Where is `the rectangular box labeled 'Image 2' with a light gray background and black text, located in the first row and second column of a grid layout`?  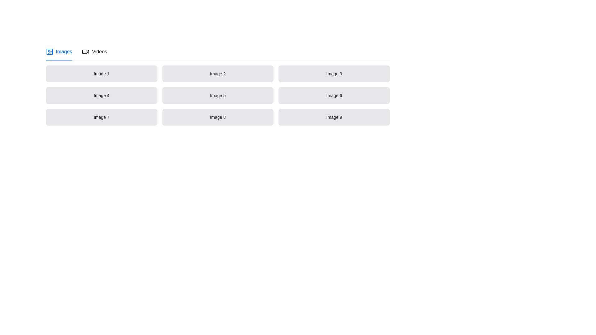 the rectangular box labeled 'Image 2' with a light gray background and black text, located in the first row and second column of a grid layout is located at coordinates (218, 74).